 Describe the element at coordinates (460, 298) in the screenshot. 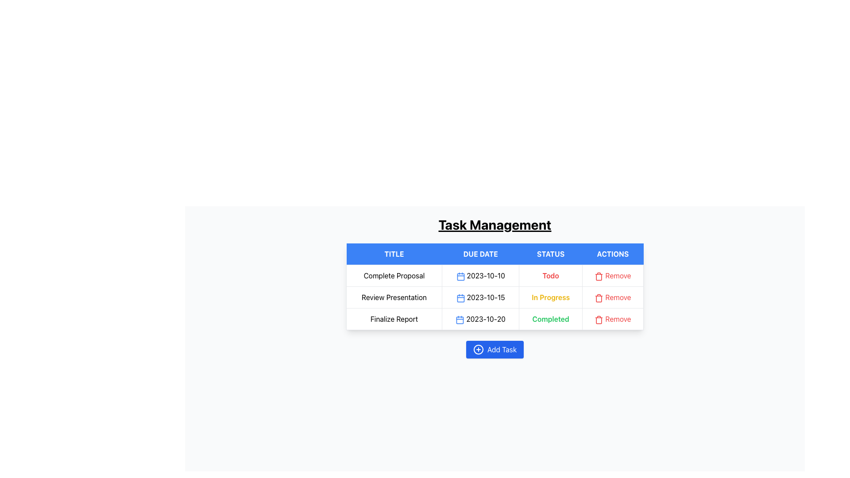

I see `the small blue calendar icon located in the second row of the table under the 'DUE DATE' column, which is positioned to the left of the text '2023-10-15'` at that location.